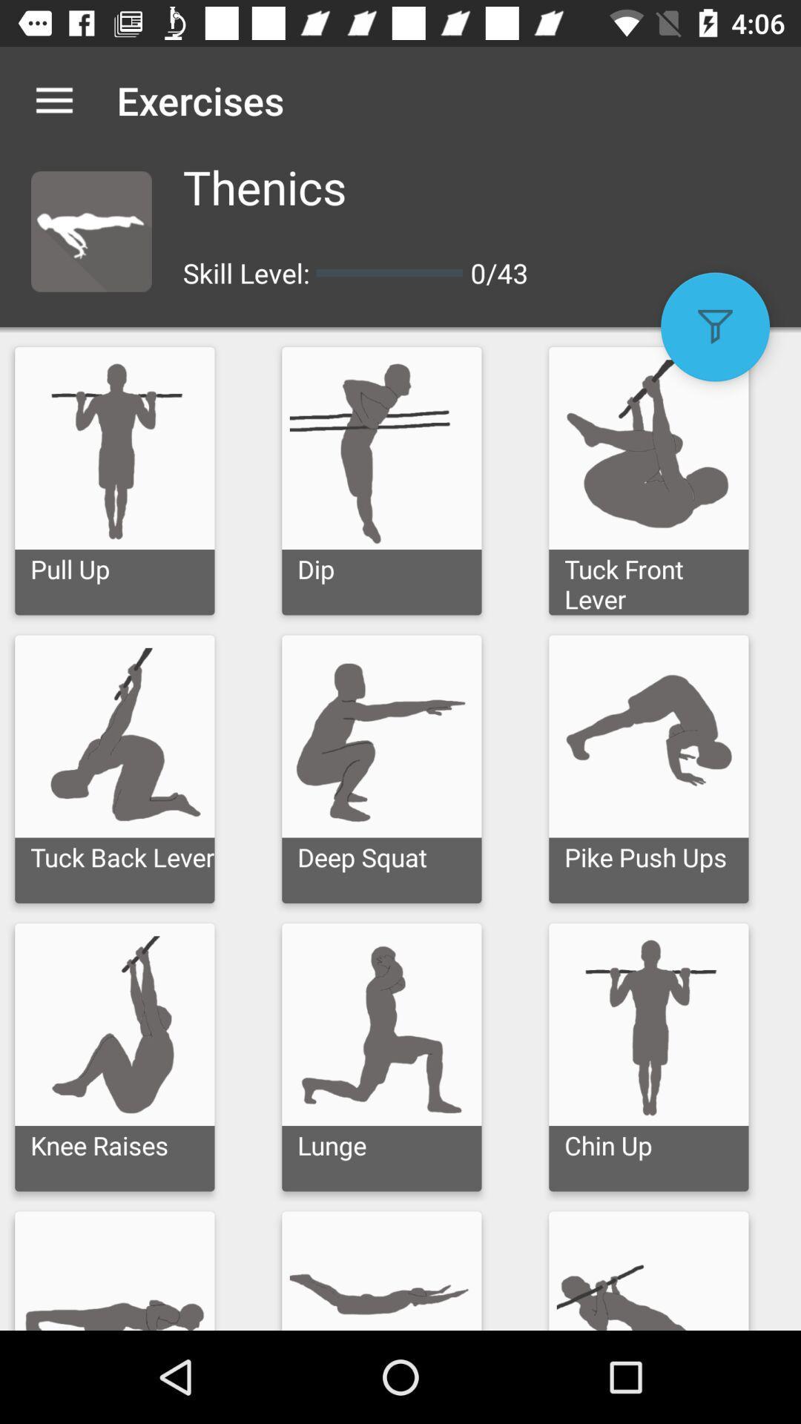  What do you see at coordinates (714, 326) in the screenshot?
I see `the filter icon` at bounding box center [714, 326].